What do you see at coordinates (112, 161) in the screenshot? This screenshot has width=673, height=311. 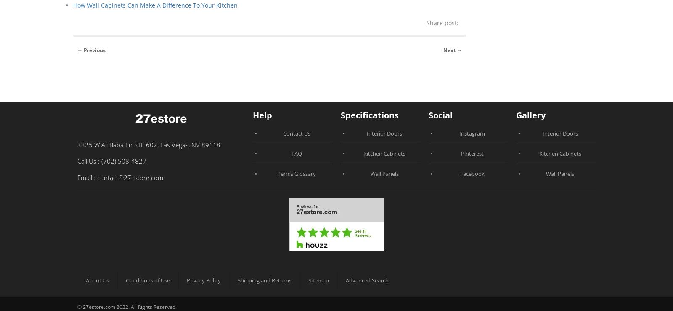 I see `'Call Us : (702) 508-4827'` at bounding box center [112, 161].